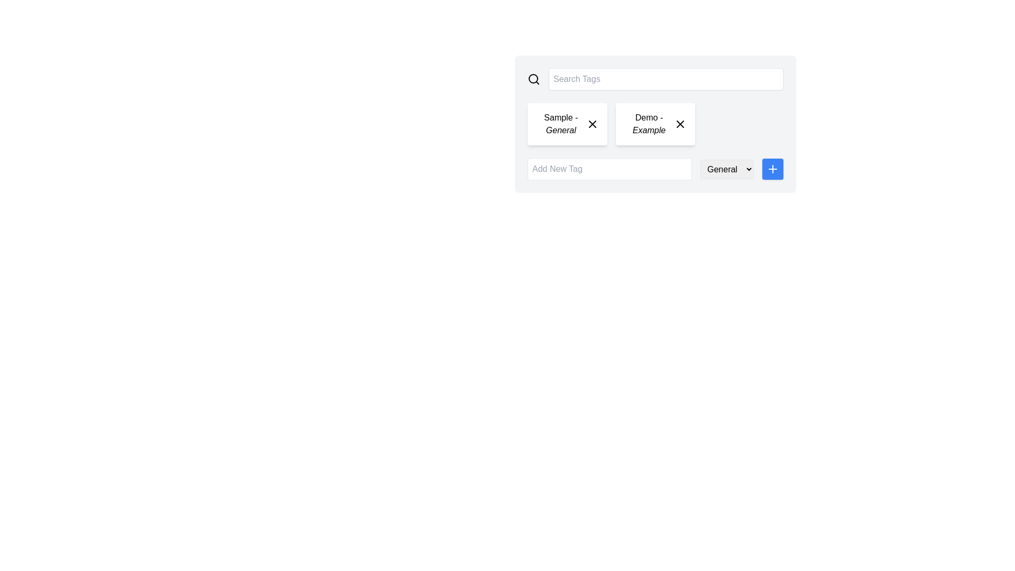 The image size is (1015, 571). I want to click on the close icon located at the far right side of the 'Demo - Example' tag, so click(680, 124).